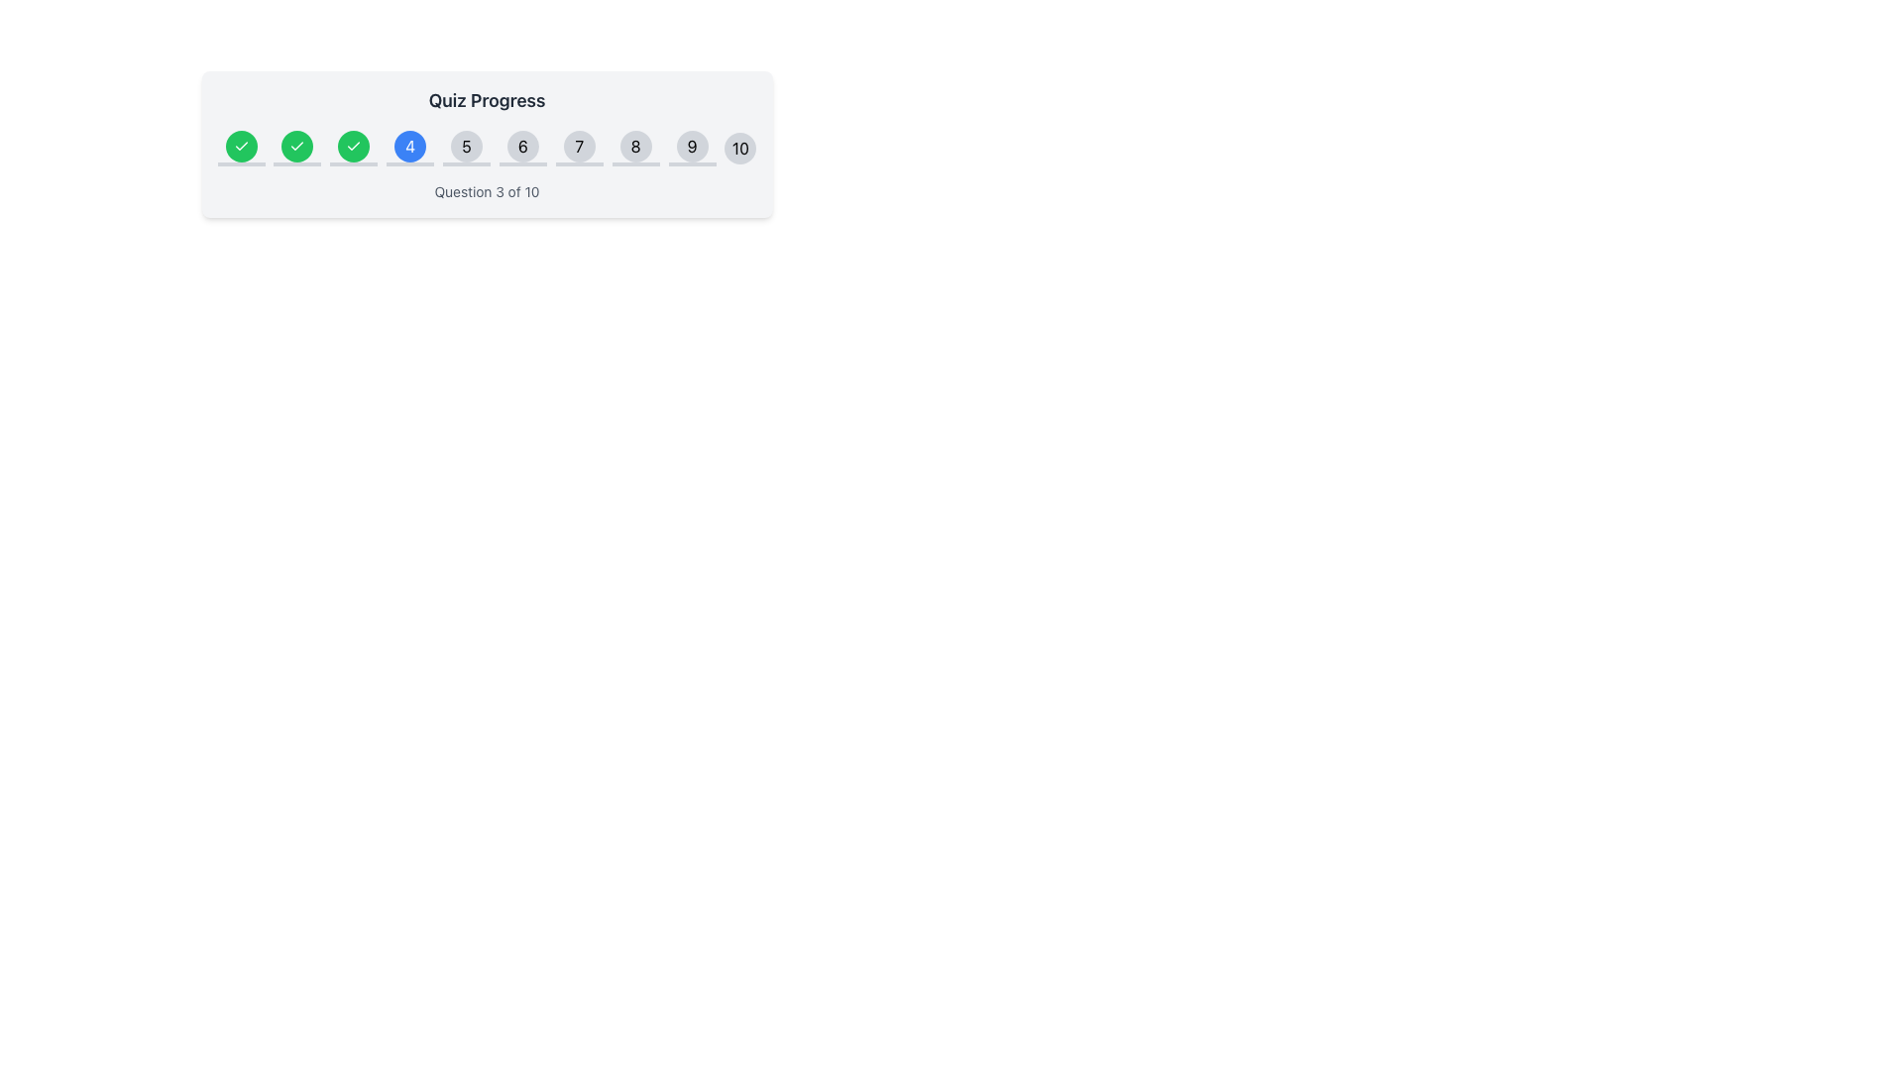 The width and height of the screenshot is (1903, 1070). I want to click on the non-interactive button indicating question number 8 in the quiz progress bar, located at the upper section of the interface, so click(635, 145).